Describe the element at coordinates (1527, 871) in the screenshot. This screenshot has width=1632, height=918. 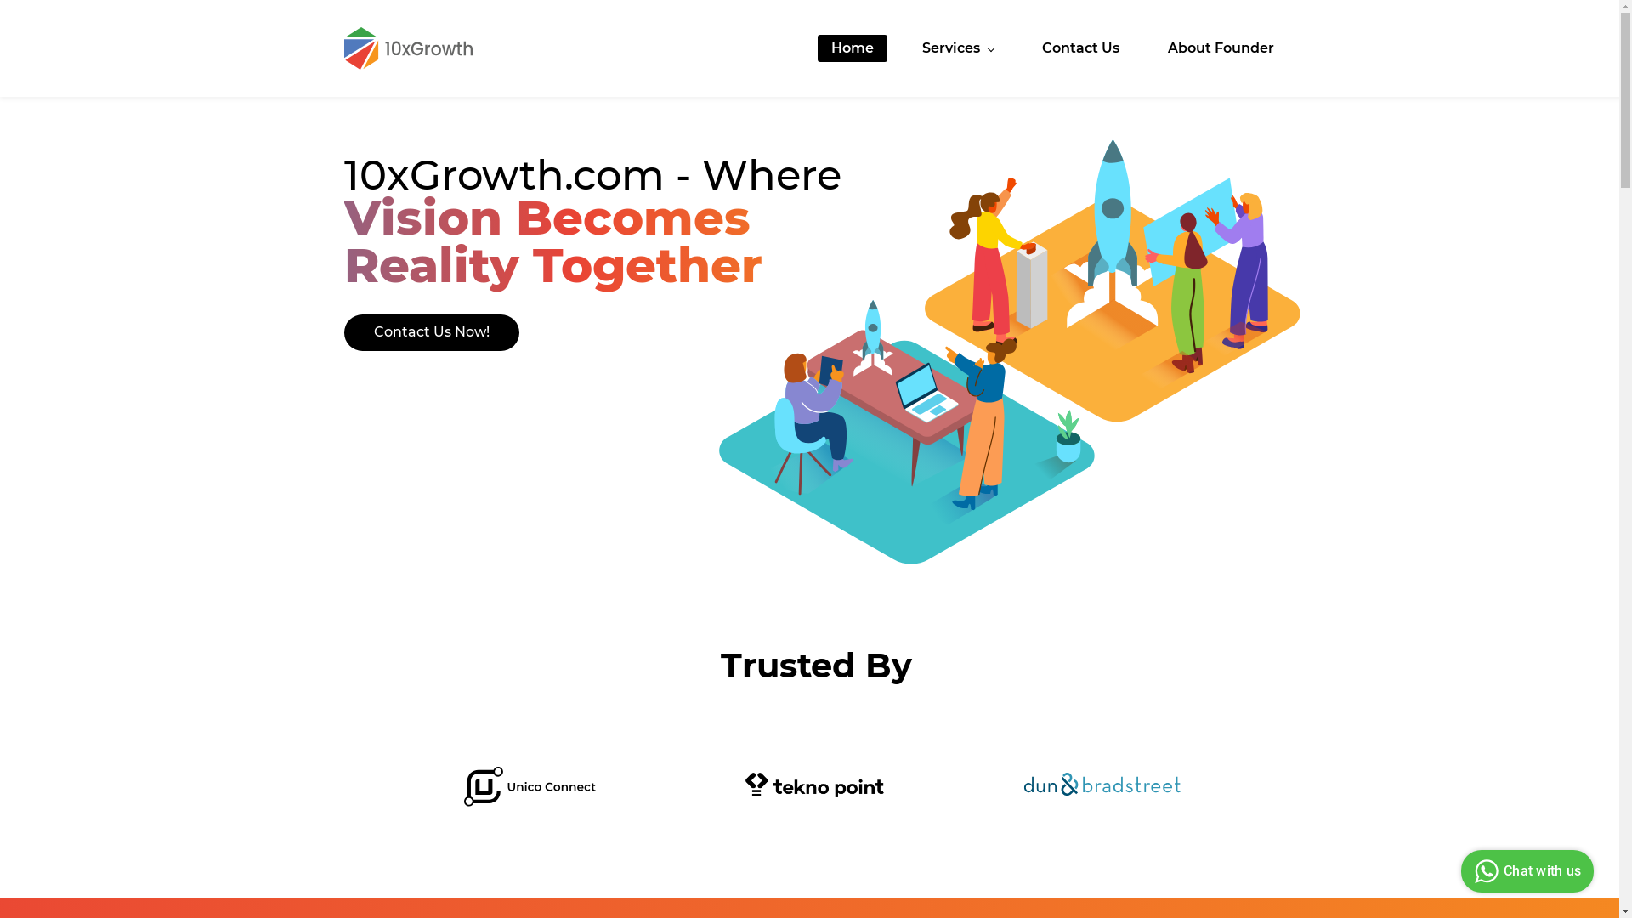
I see `'Chat with us'` at that location.